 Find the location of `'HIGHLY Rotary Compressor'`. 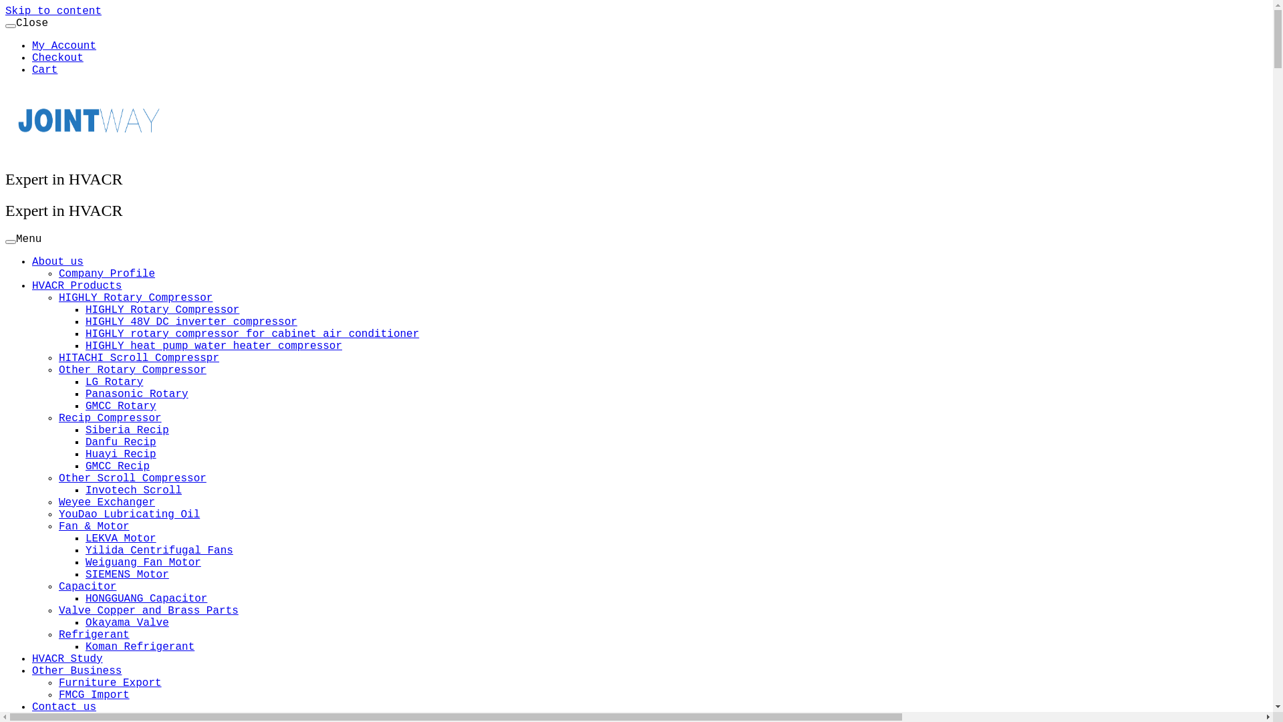

'HIGHLY Rotary Compressor' is located at coordinates (85, 310).